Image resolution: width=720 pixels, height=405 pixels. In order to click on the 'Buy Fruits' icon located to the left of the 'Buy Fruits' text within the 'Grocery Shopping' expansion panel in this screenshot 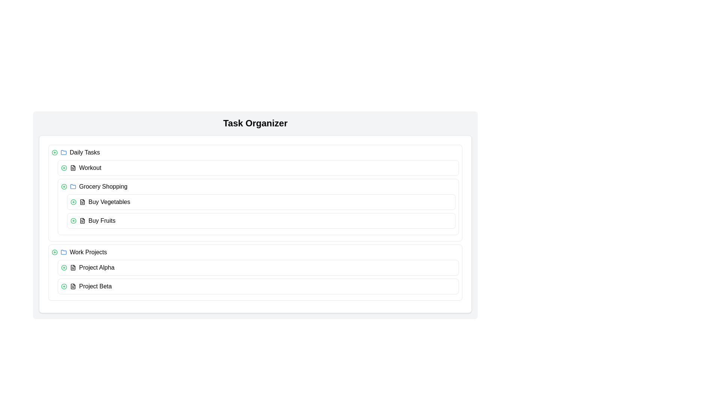, I will do `click(82, 220)`.